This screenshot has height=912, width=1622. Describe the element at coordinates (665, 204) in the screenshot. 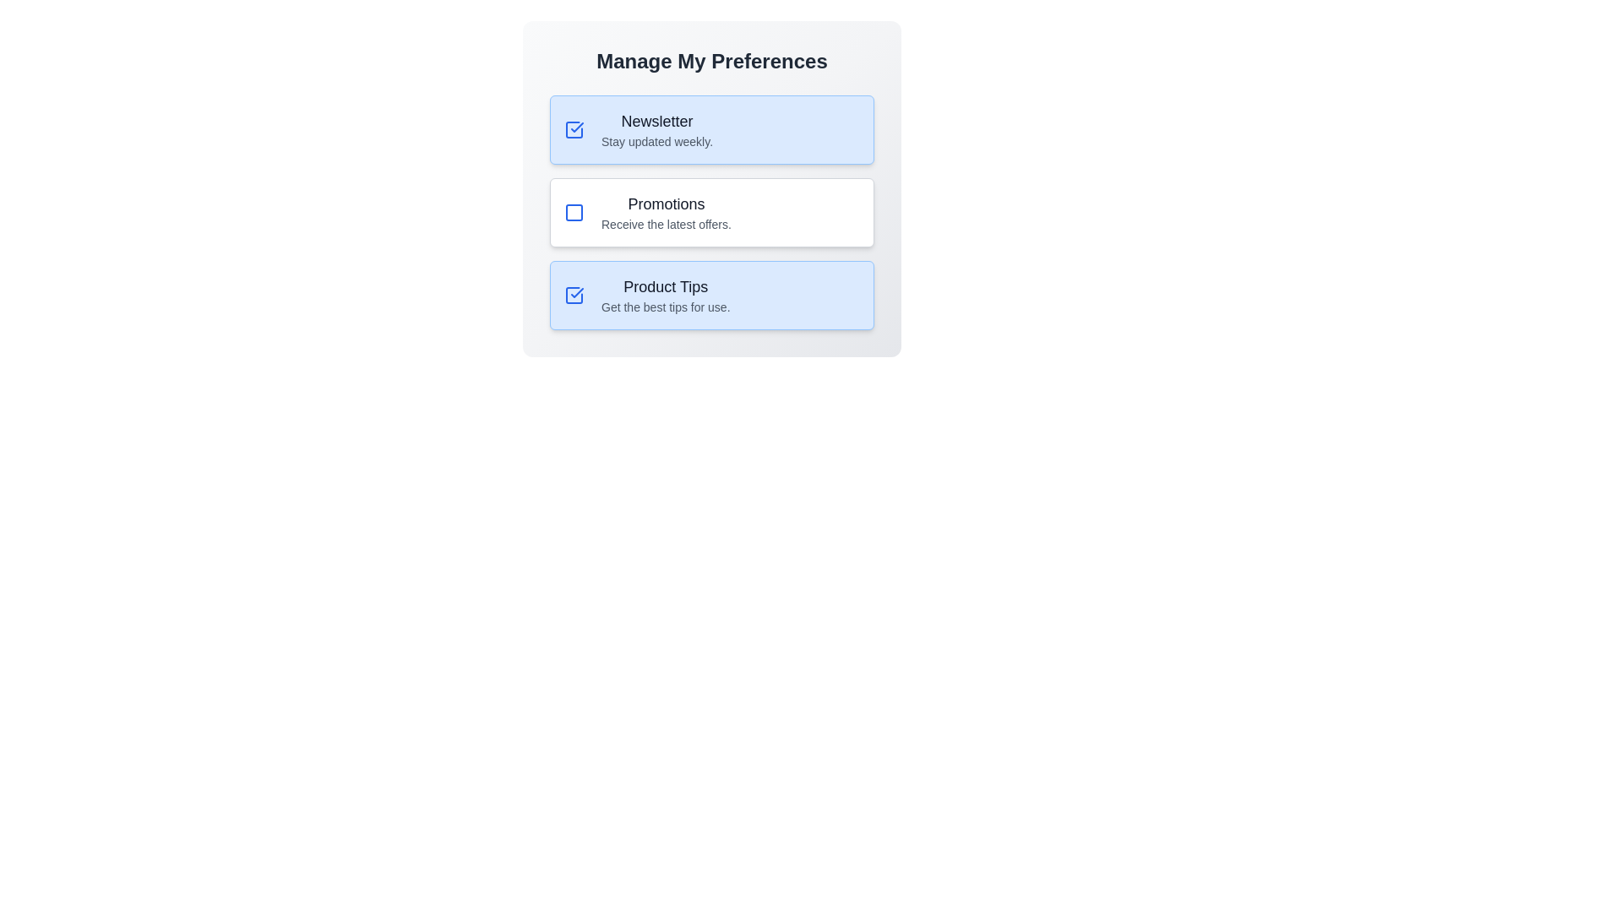

I see `the 'Promotions' text label, which is styled with a larger font size and dark gray color, located in the middle of a vertically stacked list of items, specifically on the second row with a checkbox to its left` at that location.